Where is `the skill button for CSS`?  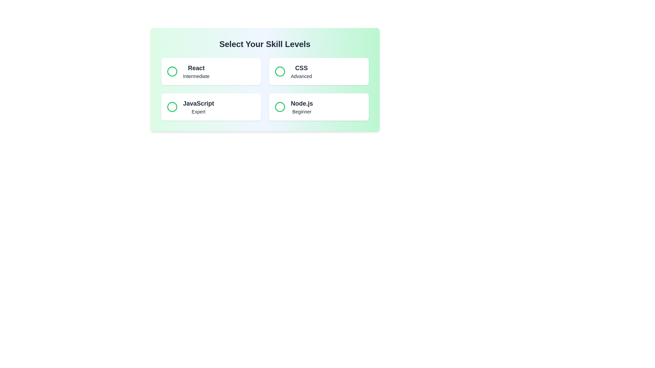
the skill button for CSS is located at coordinates (318, 71).